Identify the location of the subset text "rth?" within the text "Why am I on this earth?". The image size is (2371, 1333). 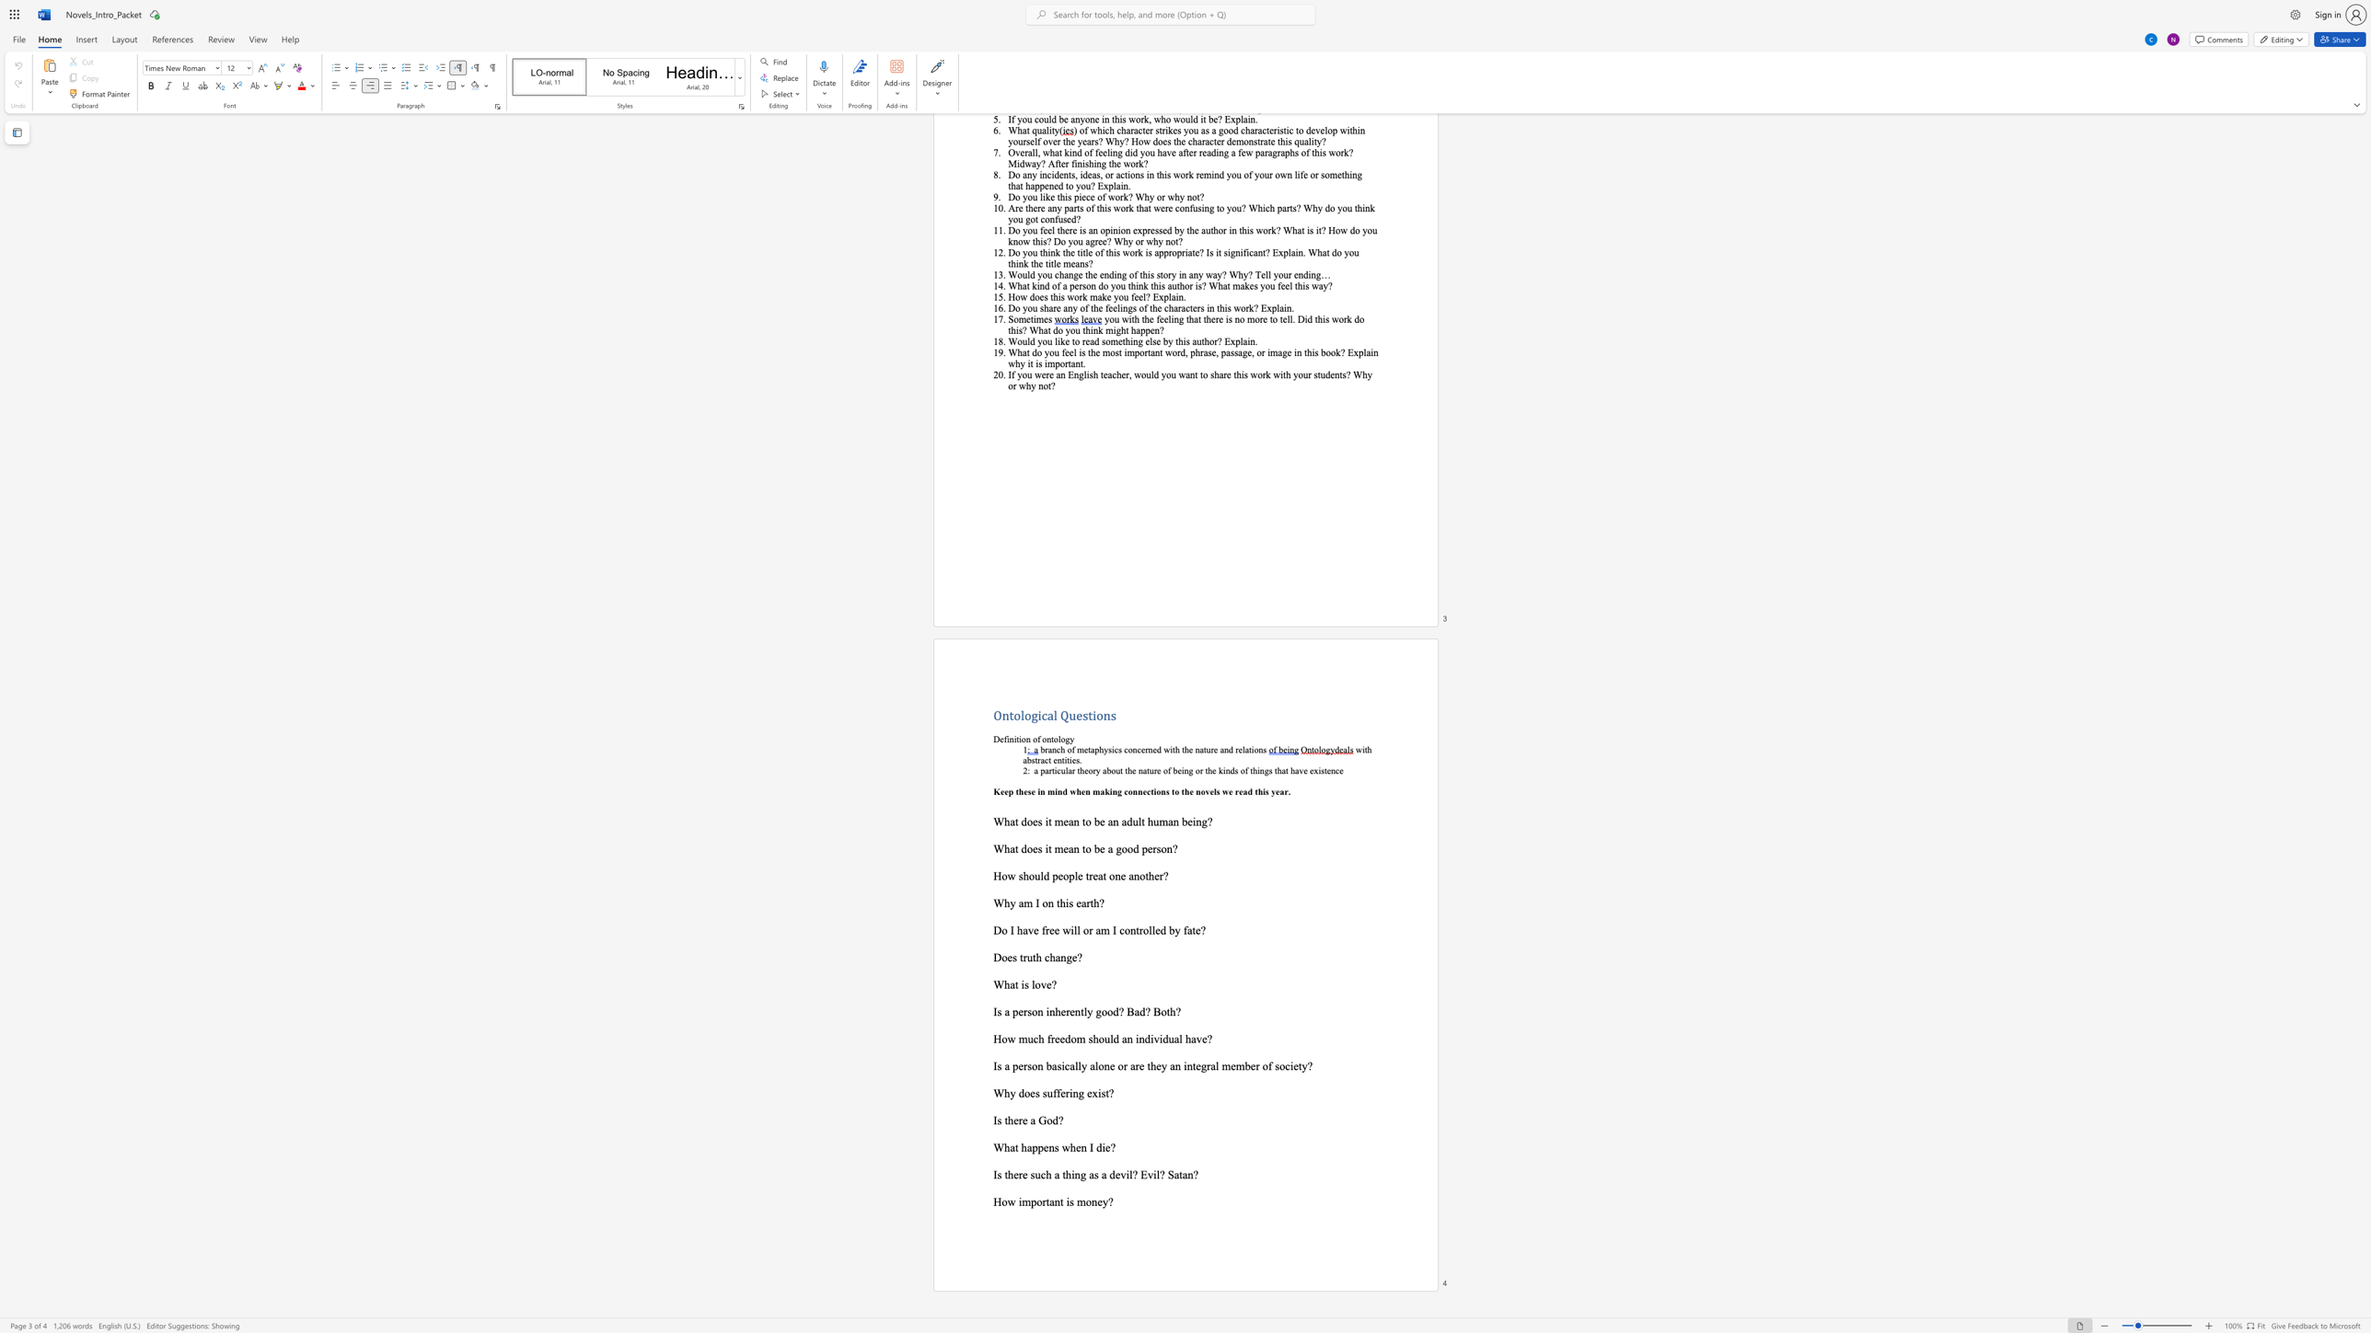
(1085, 902).